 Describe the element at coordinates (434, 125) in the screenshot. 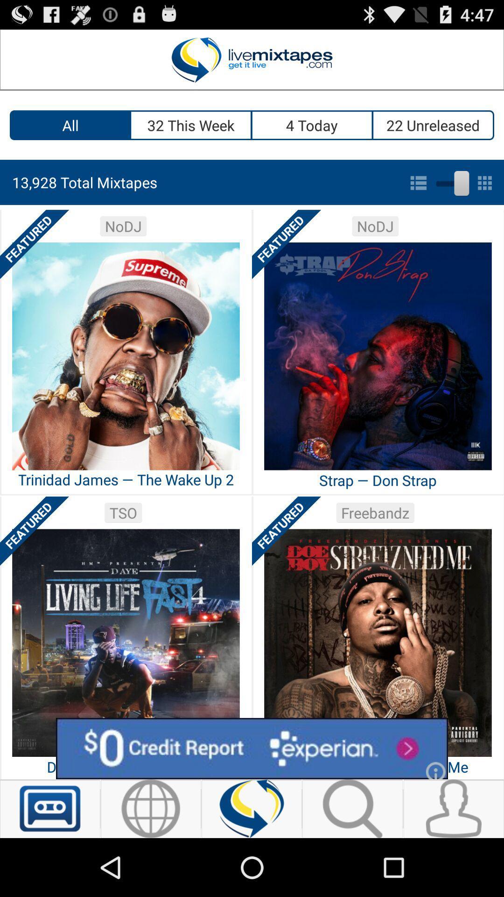

I see `22 unreleased icon` at that location.